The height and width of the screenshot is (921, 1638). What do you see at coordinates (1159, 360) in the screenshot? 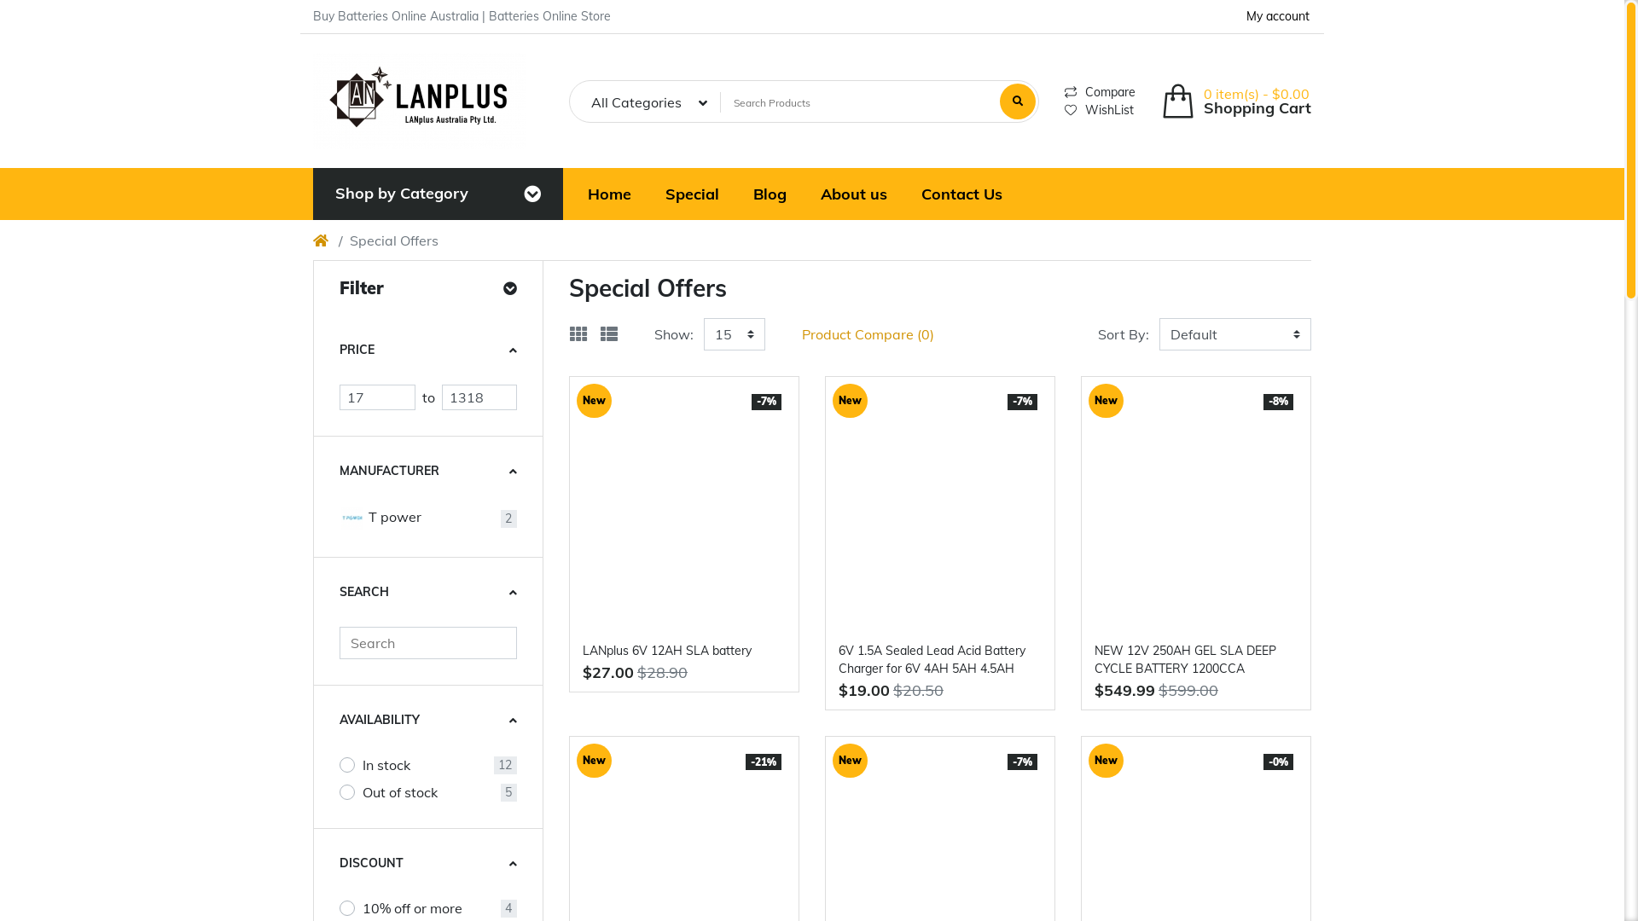
I see `'Add to Wish List'` at bounding box center [1159, 360].